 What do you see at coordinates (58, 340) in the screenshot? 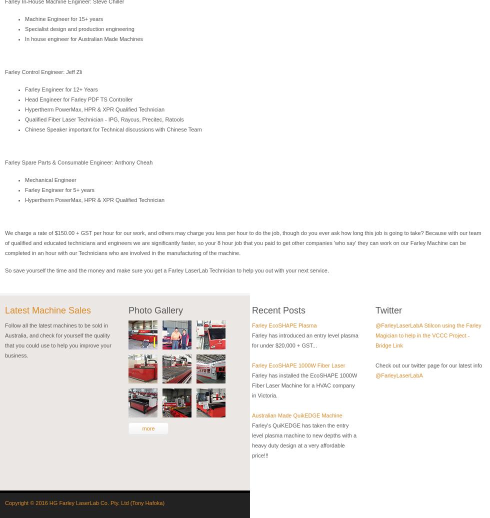
I see `'Follow all the latest machines to be sold in Australia, and check for yourself the quality that you could use to help you improve your business.'` at bounding box center [58, 340].